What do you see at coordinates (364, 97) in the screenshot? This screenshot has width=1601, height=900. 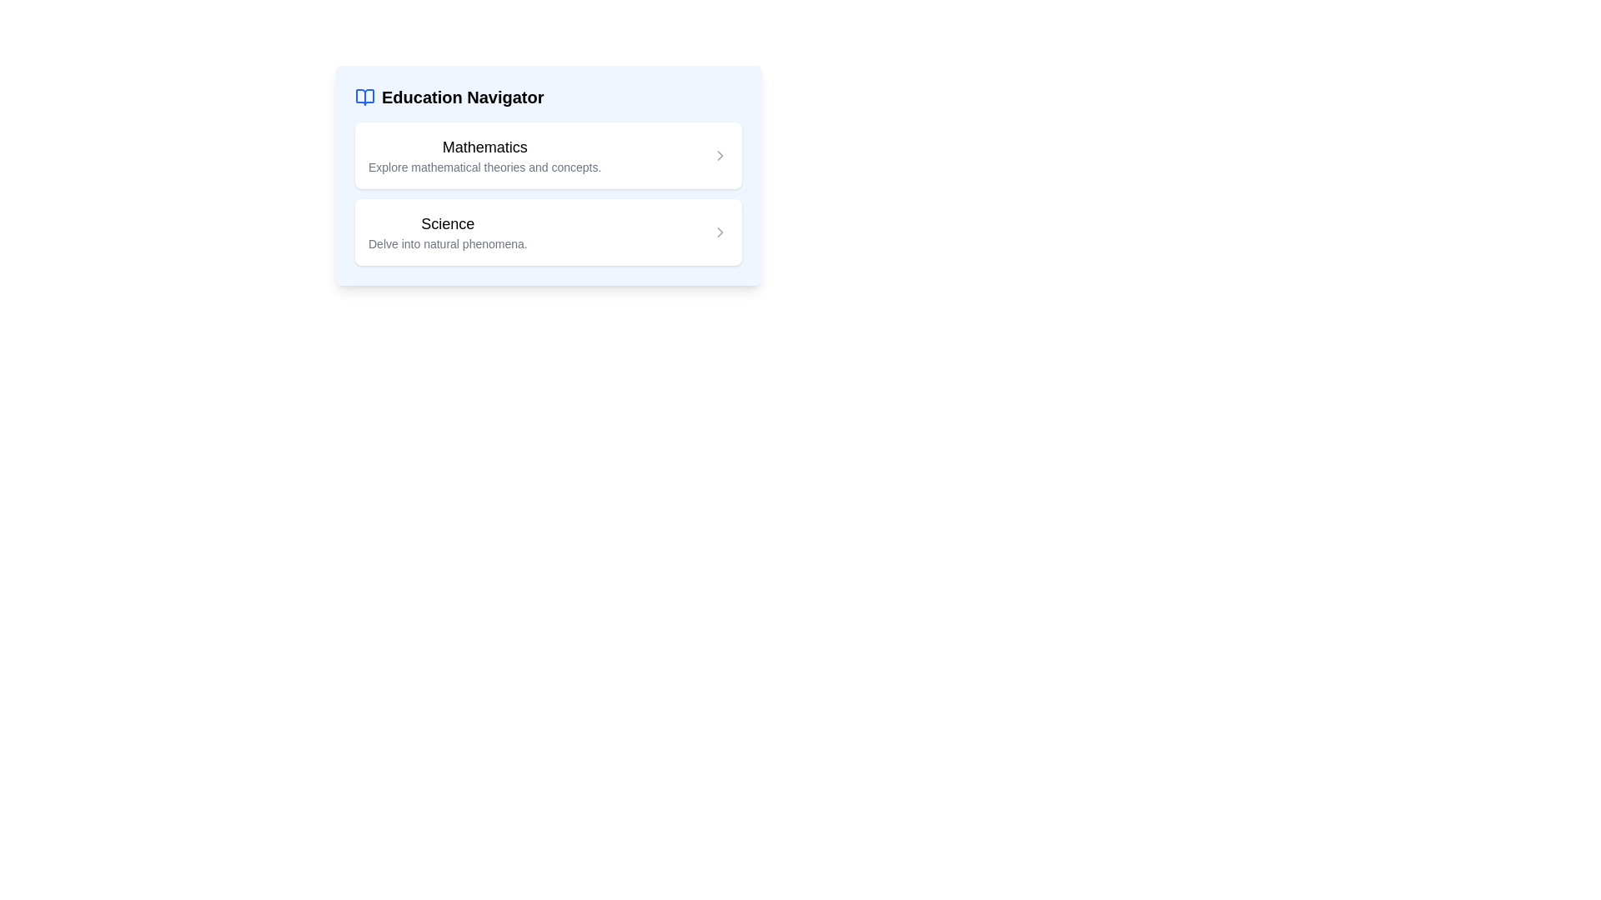 I see `left half of the open book icon, which is part of the SVG graphic in the 'Education Navigator' panel for debugging purposes` at bounding box center [364, 97].